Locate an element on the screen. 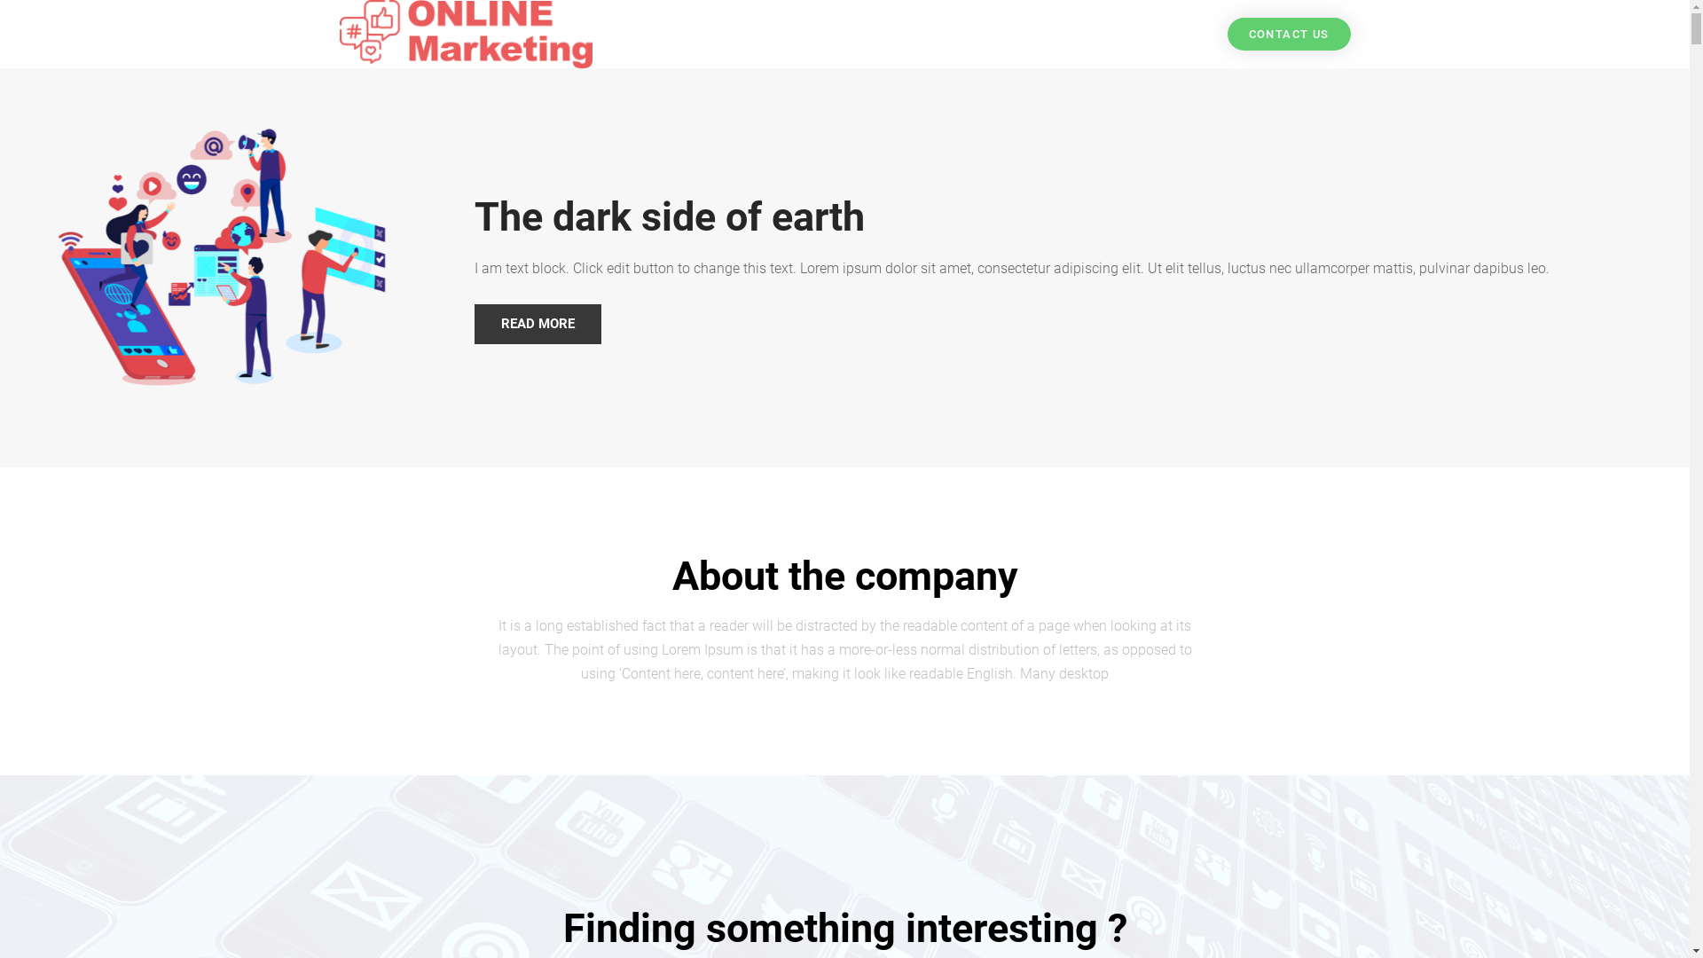 This screenshot has width=1703, height=958. 'CONTACT US' is located at coordinates (1289, 34).